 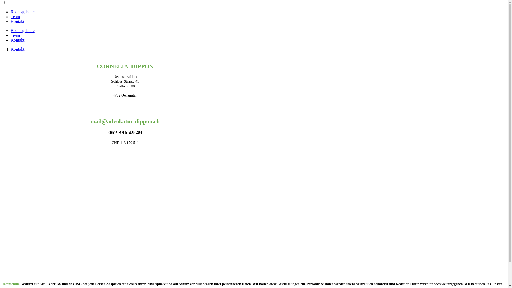 What do you see at coordinates (10, 12) in the screenshot?
I see `'Rechtsgebiete'` at bounding box center [10, 12].